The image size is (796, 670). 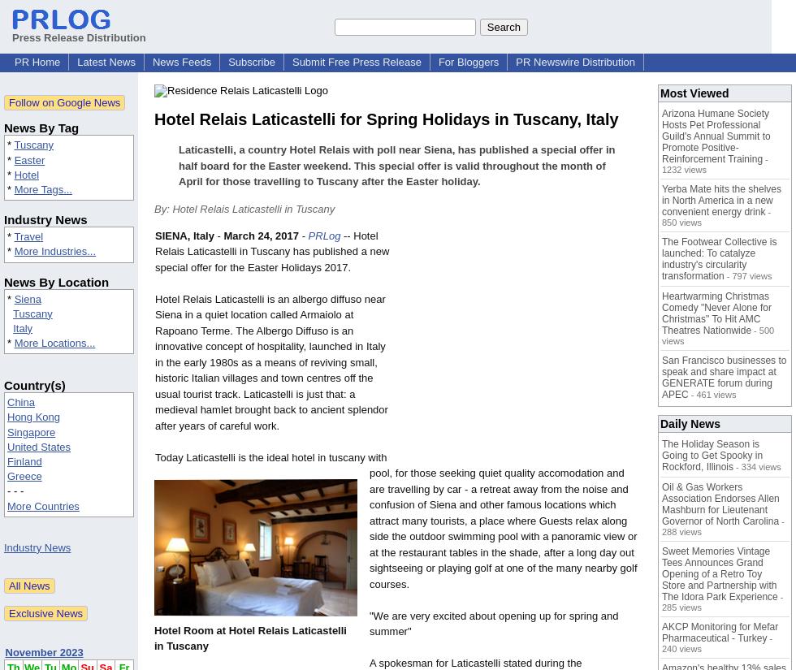 What do you see at coordinates (79, 37) in the screenshot?
I see `'Press Release Distribution'` at bounding box center [79, 37].